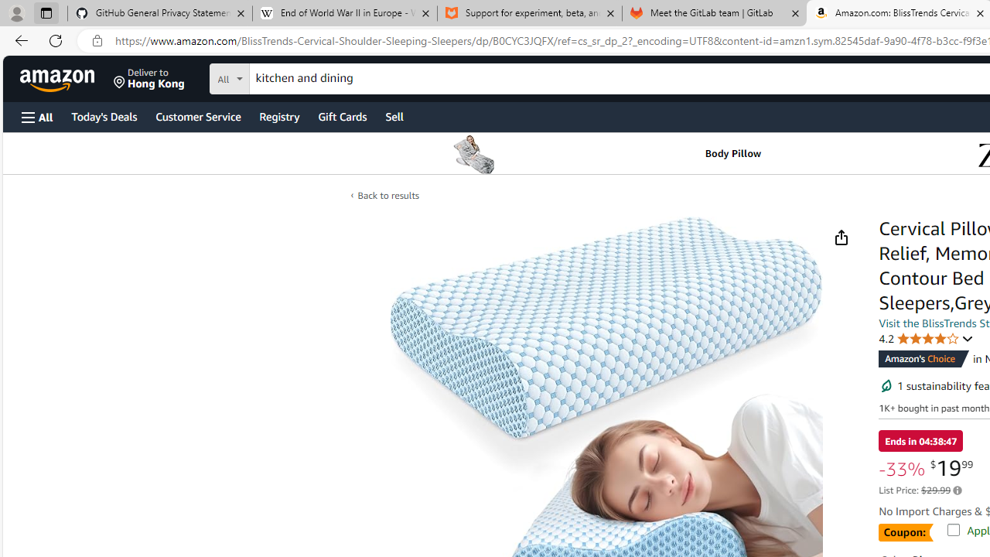 Image resolution: width=990 pixels, height=557 pixels. What do you see at coordinates (886, 384) in the screenshot?
I see `'Sustainability features'` at bounding box center [886, 384].